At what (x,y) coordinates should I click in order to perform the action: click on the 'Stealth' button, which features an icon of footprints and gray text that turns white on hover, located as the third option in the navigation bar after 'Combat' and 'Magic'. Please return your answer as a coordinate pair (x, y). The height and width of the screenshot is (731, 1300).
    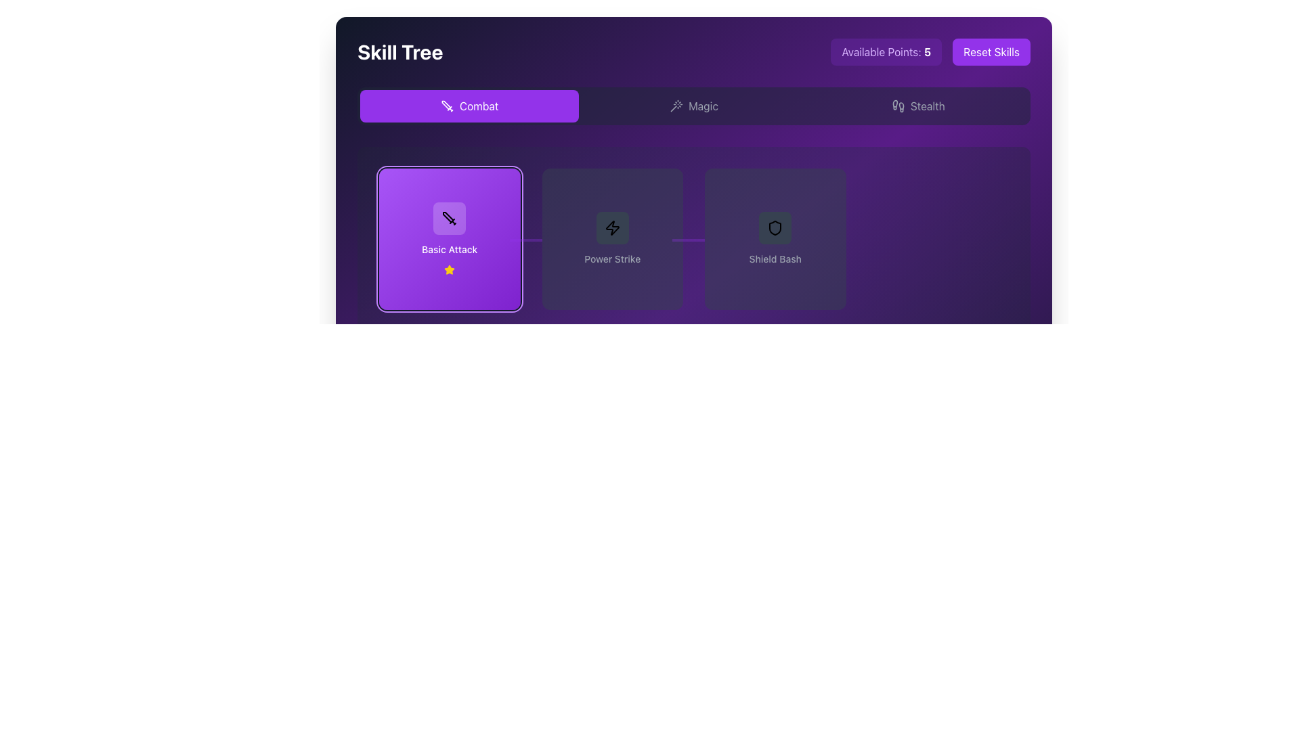
    Looking at the image, I should click on (918, 106).